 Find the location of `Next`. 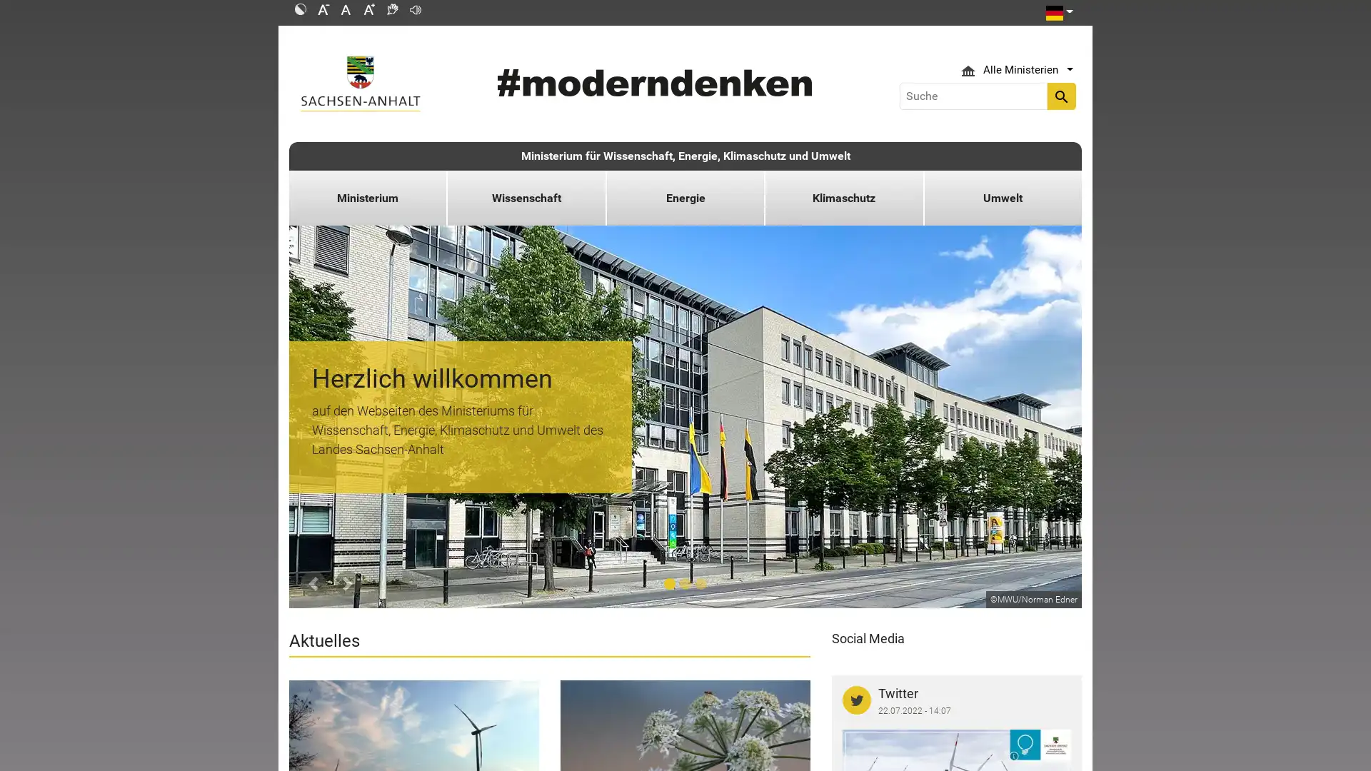

Next is located at coordinates (347, 583).